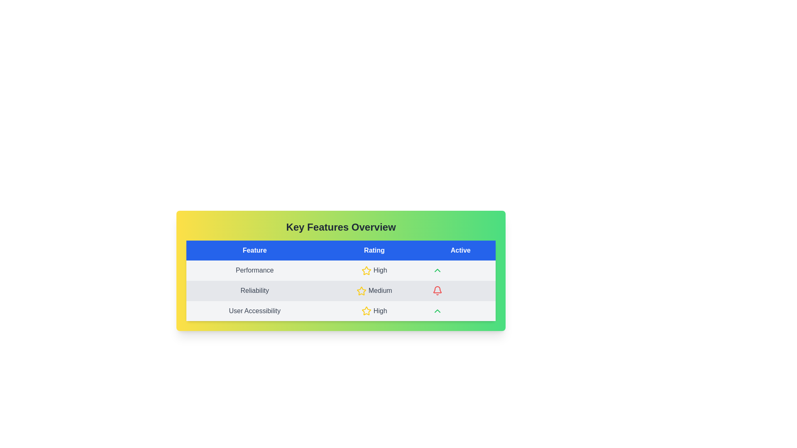  What do you see at coordinates (374, 311) in the screenshot?
I see `the text label 'High' located in the third row under the 'Rating' column, next to the yellow star icon` at bounding box center [374, 311].